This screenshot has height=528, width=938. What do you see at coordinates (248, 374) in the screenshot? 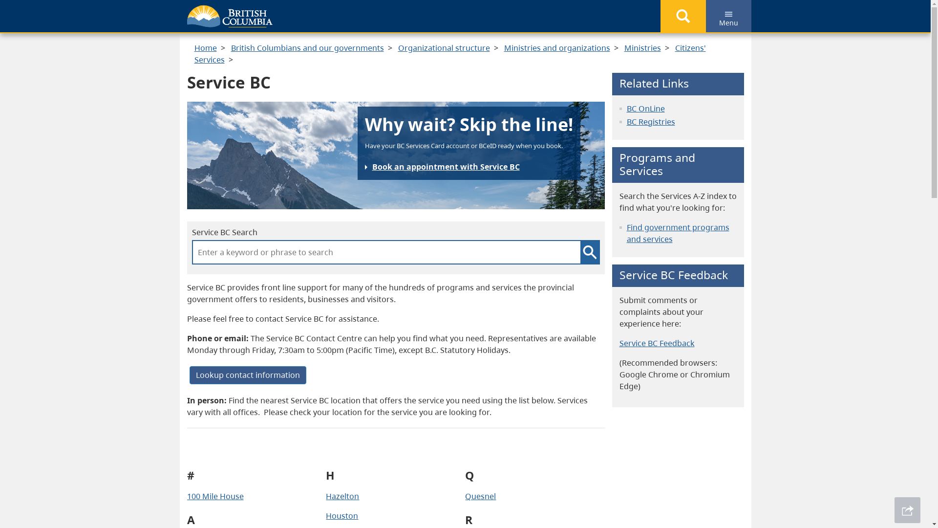
I see `'Lookup contact information'` at bounding box center [248, 374].